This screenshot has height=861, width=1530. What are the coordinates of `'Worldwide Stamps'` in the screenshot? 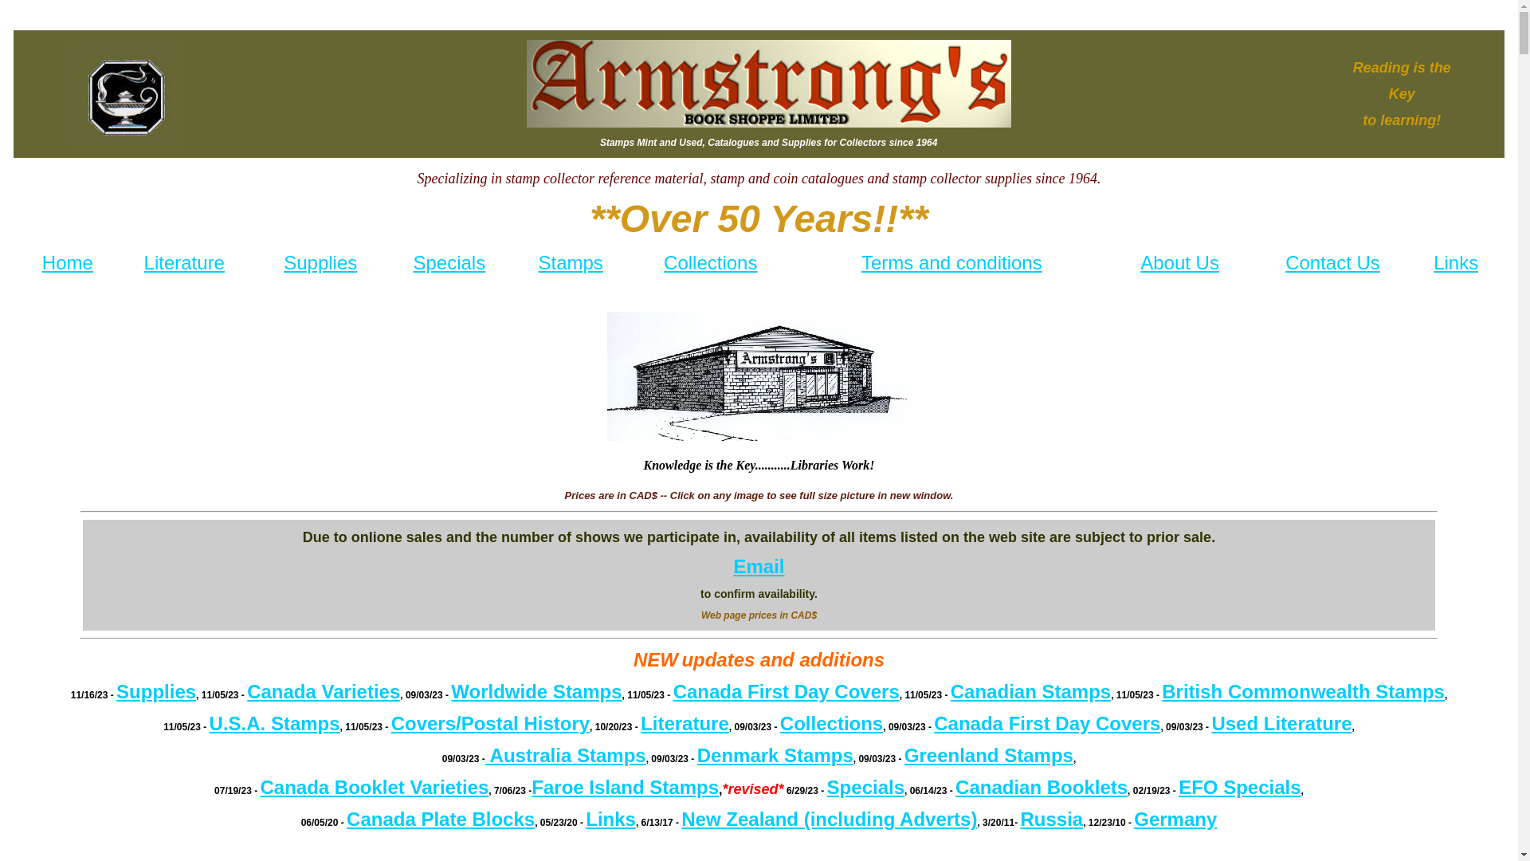 It's located at (535, 690).